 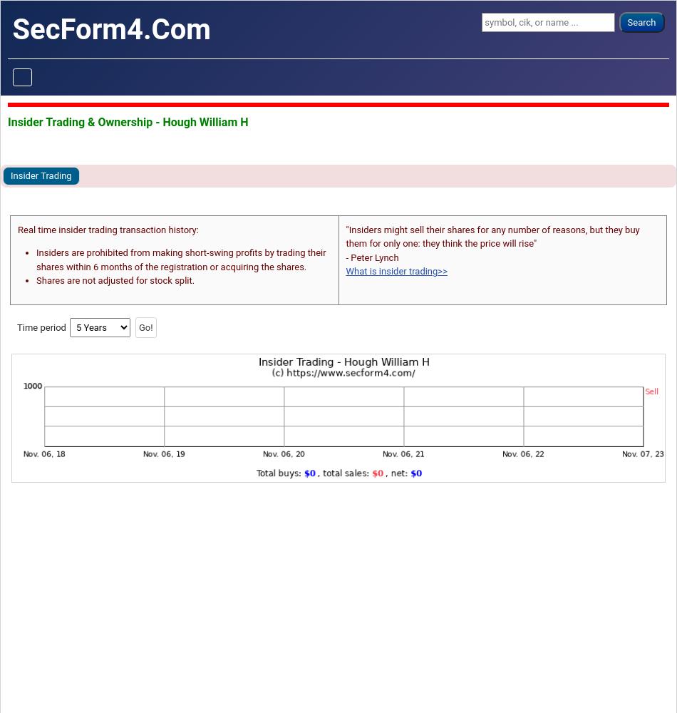 I want to click on 'Time period', so click(x=41, y=326).